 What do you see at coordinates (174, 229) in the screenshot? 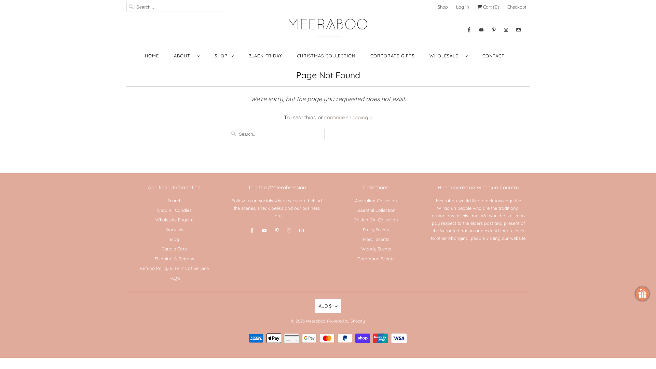
I see `'Stockists'` at bounding box center [174, 229].